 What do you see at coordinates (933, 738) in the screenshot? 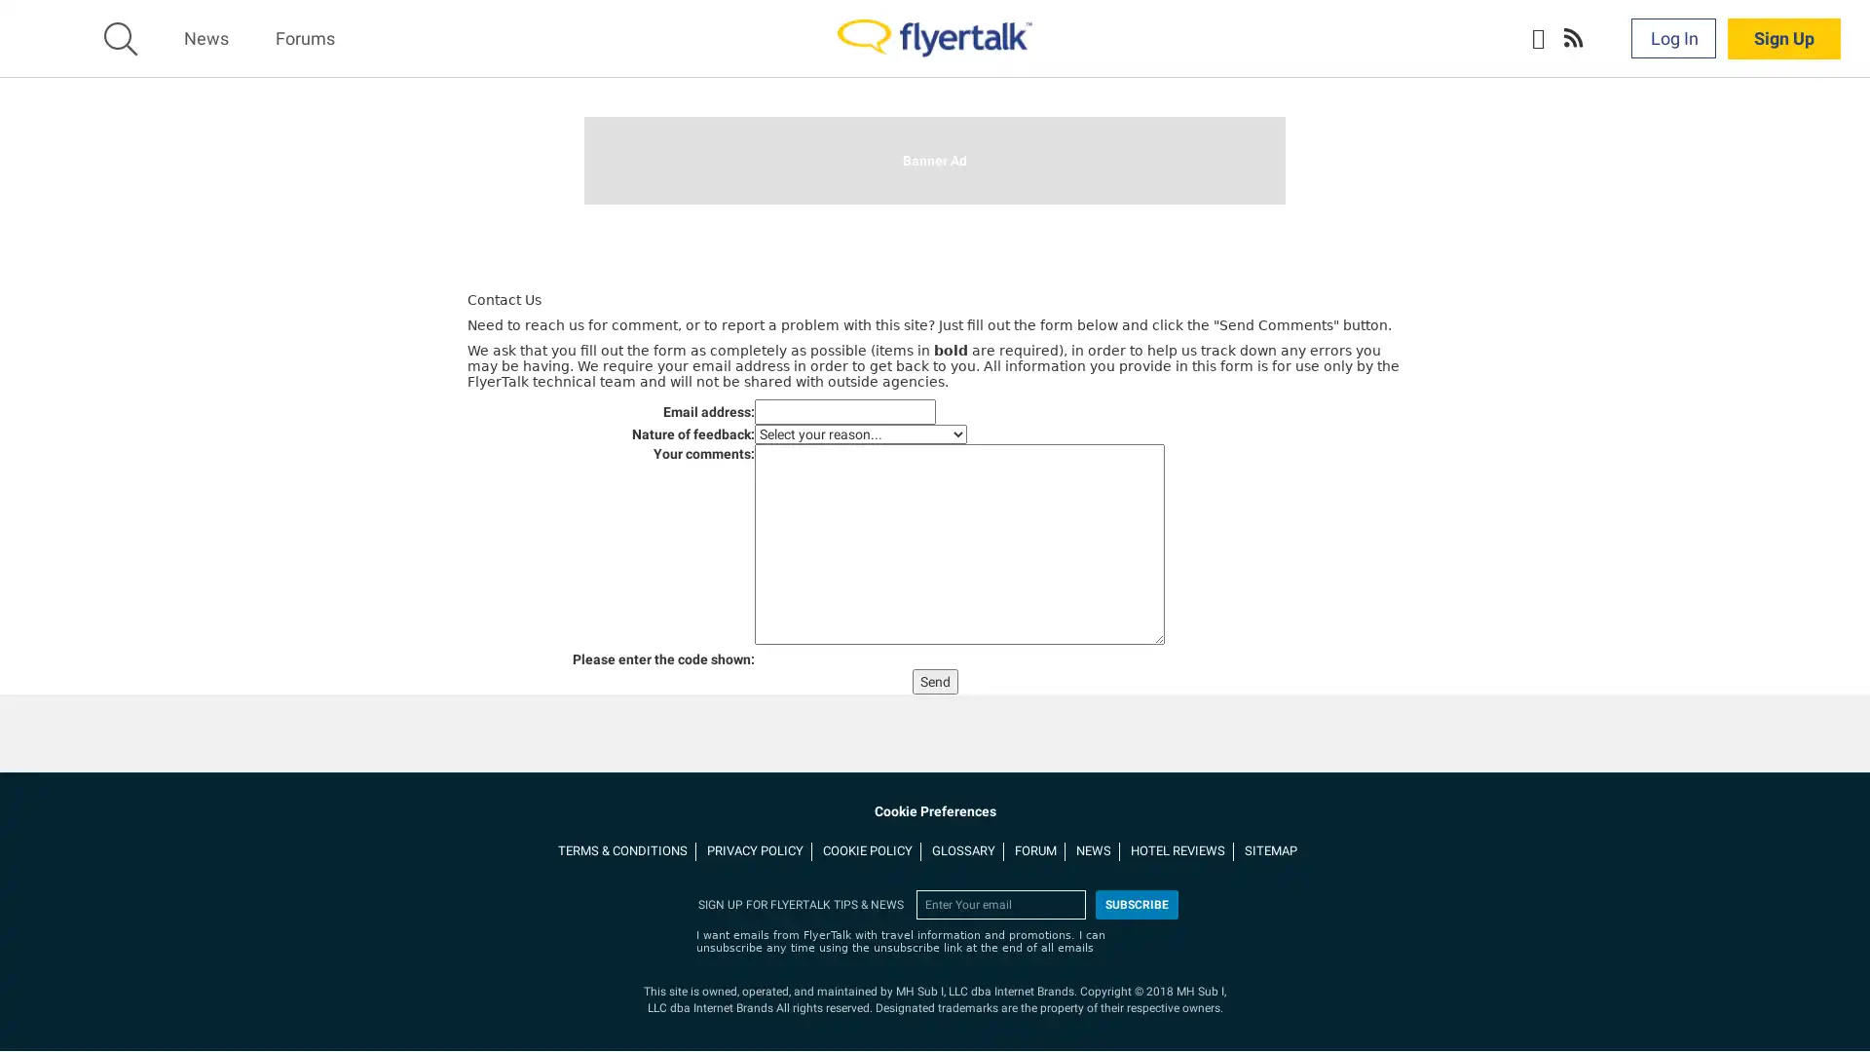
I see `Send` at bounding box center [933, 738].